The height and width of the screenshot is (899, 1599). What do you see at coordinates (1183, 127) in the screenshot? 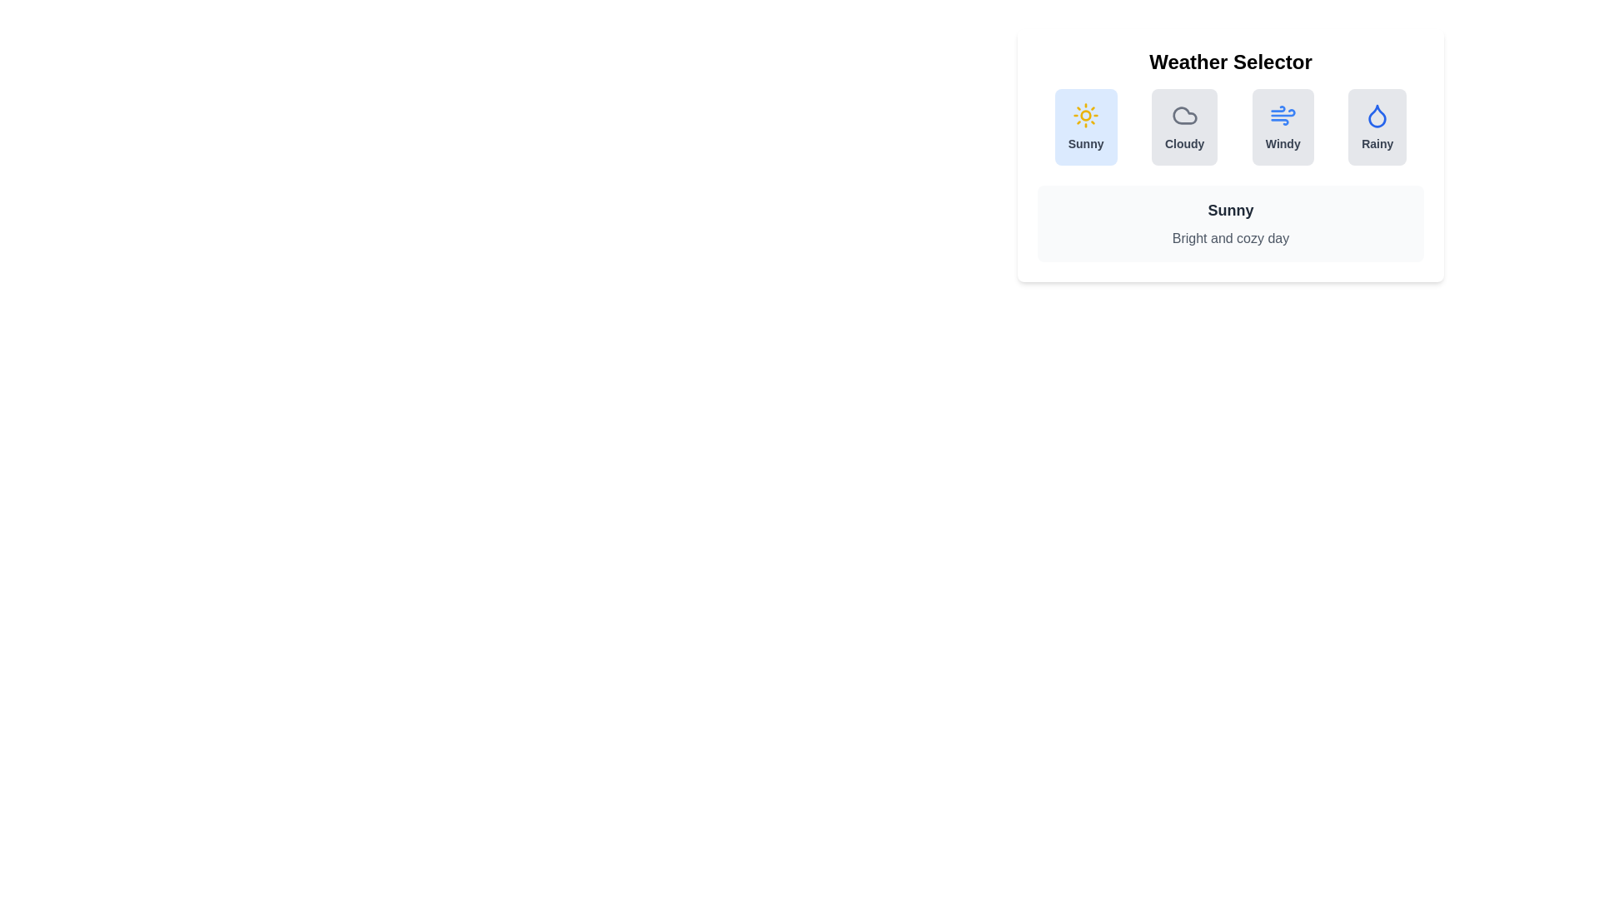
I see `the 'Cloudy' weather option button located in the second slot of the weather option cards` at bounding box center [1183, 127].